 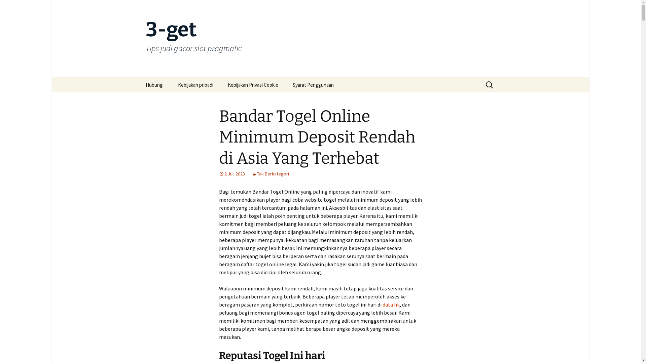 I want to click on 'Tak Berkategori', so click(x=270, y=173).